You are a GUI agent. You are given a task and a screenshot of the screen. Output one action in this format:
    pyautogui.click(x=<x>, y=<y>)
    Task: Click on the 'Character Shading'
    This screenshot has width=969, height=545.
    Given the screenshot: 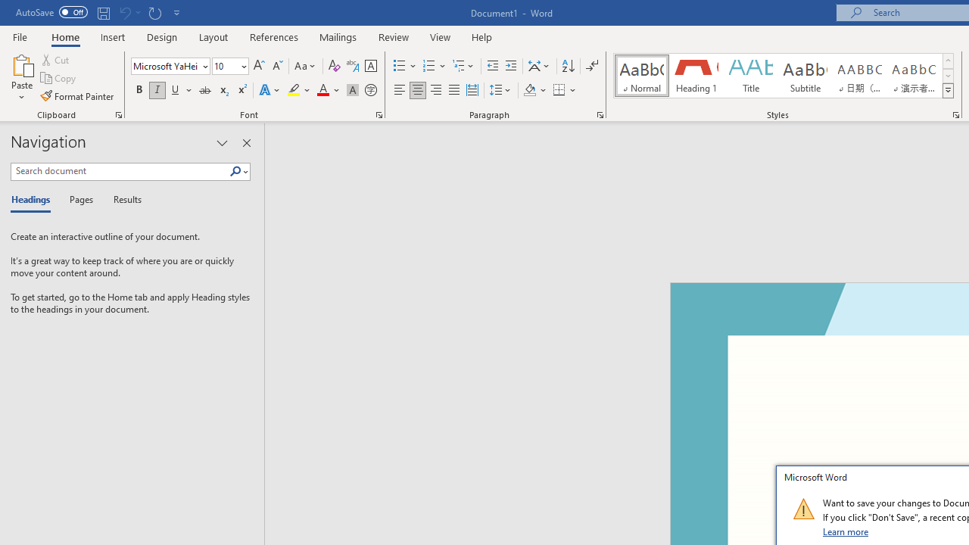 What is the action you would take?
    pyautogui.click(x=351, y=90)
    